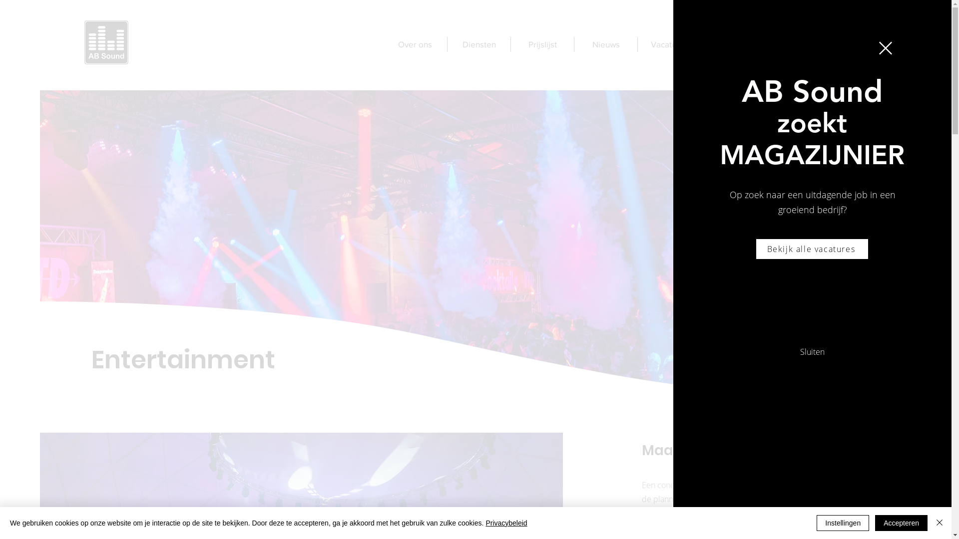  I want to click on 'Over ons', so click(415, 43).